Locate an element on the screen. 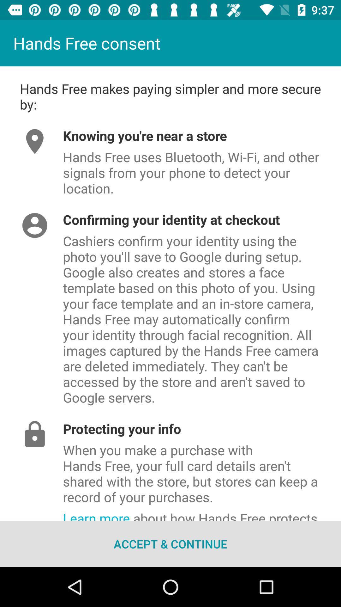 This screenshot has width=341, height=607. learn more about icon is located at coordinates (202, 513).